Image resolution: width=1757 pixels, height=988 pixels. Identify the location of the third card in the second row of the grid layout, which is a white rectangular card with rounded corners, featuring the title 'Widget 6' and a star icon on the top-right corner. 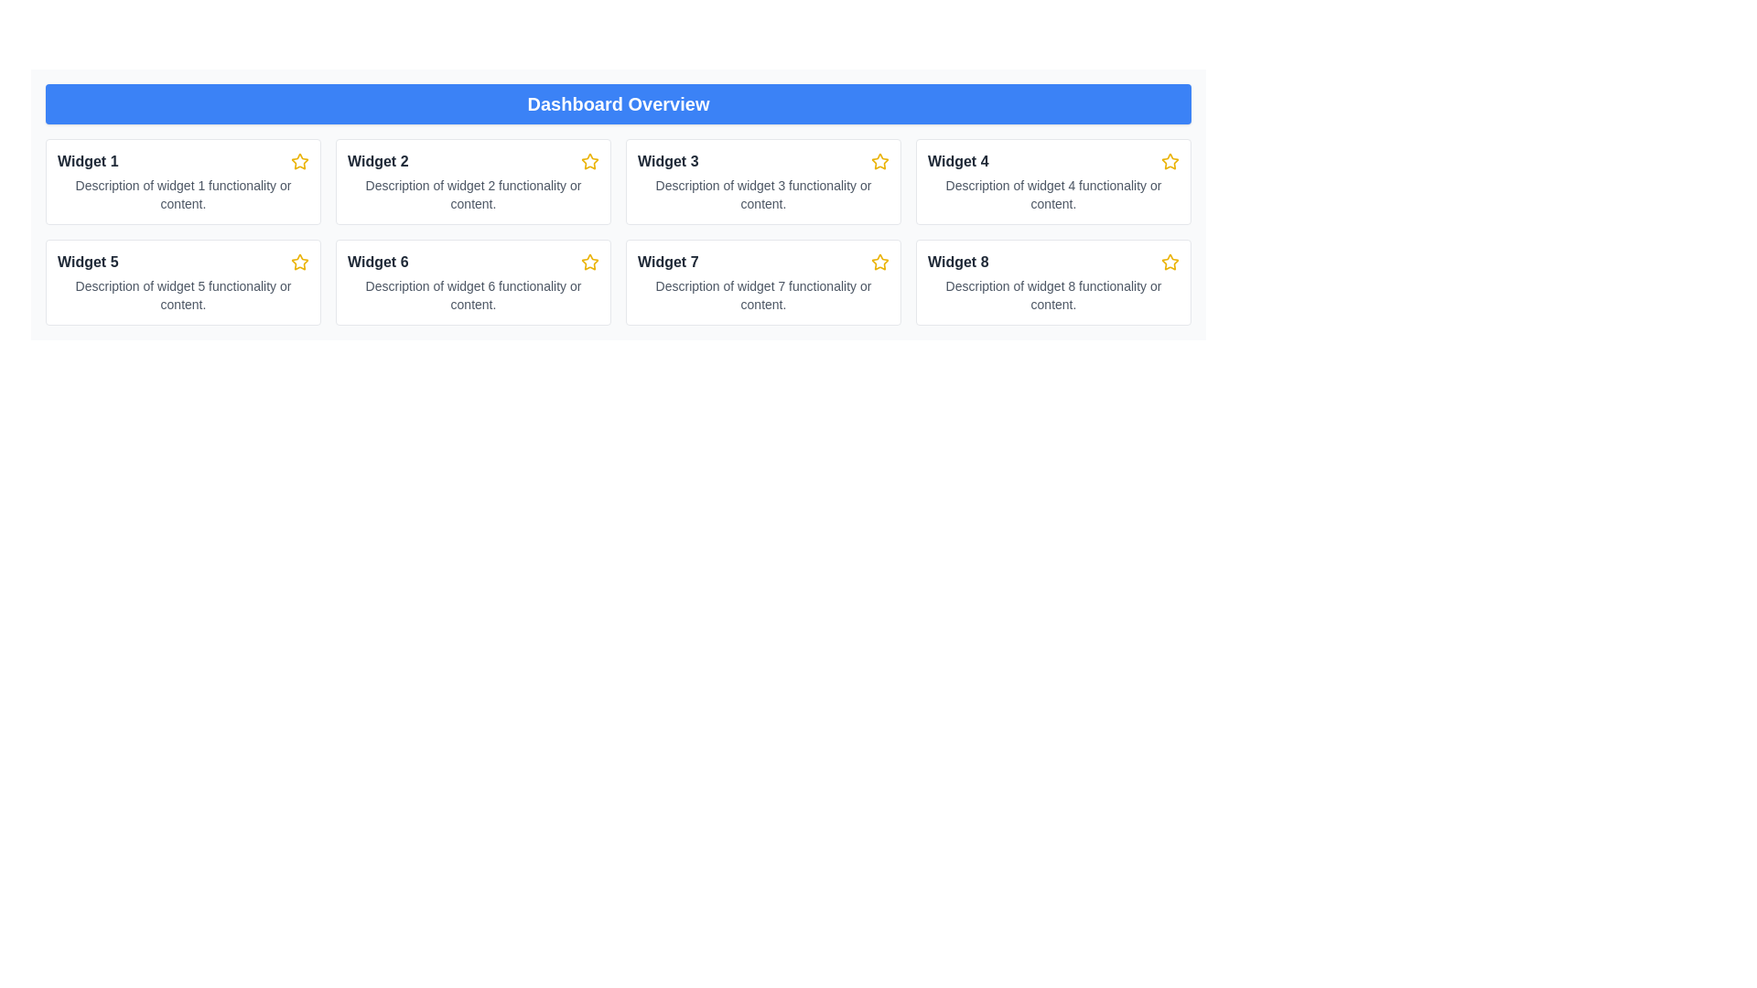
(473, 282).